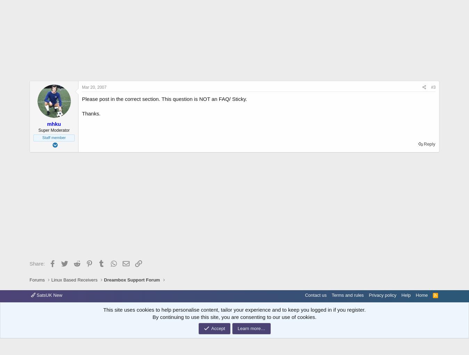 This screenshot has width=469, height=355. Describe the element at coordinates (193, 312) in the screenshot. I see `'XenPorta 2 PRO'` at that location.